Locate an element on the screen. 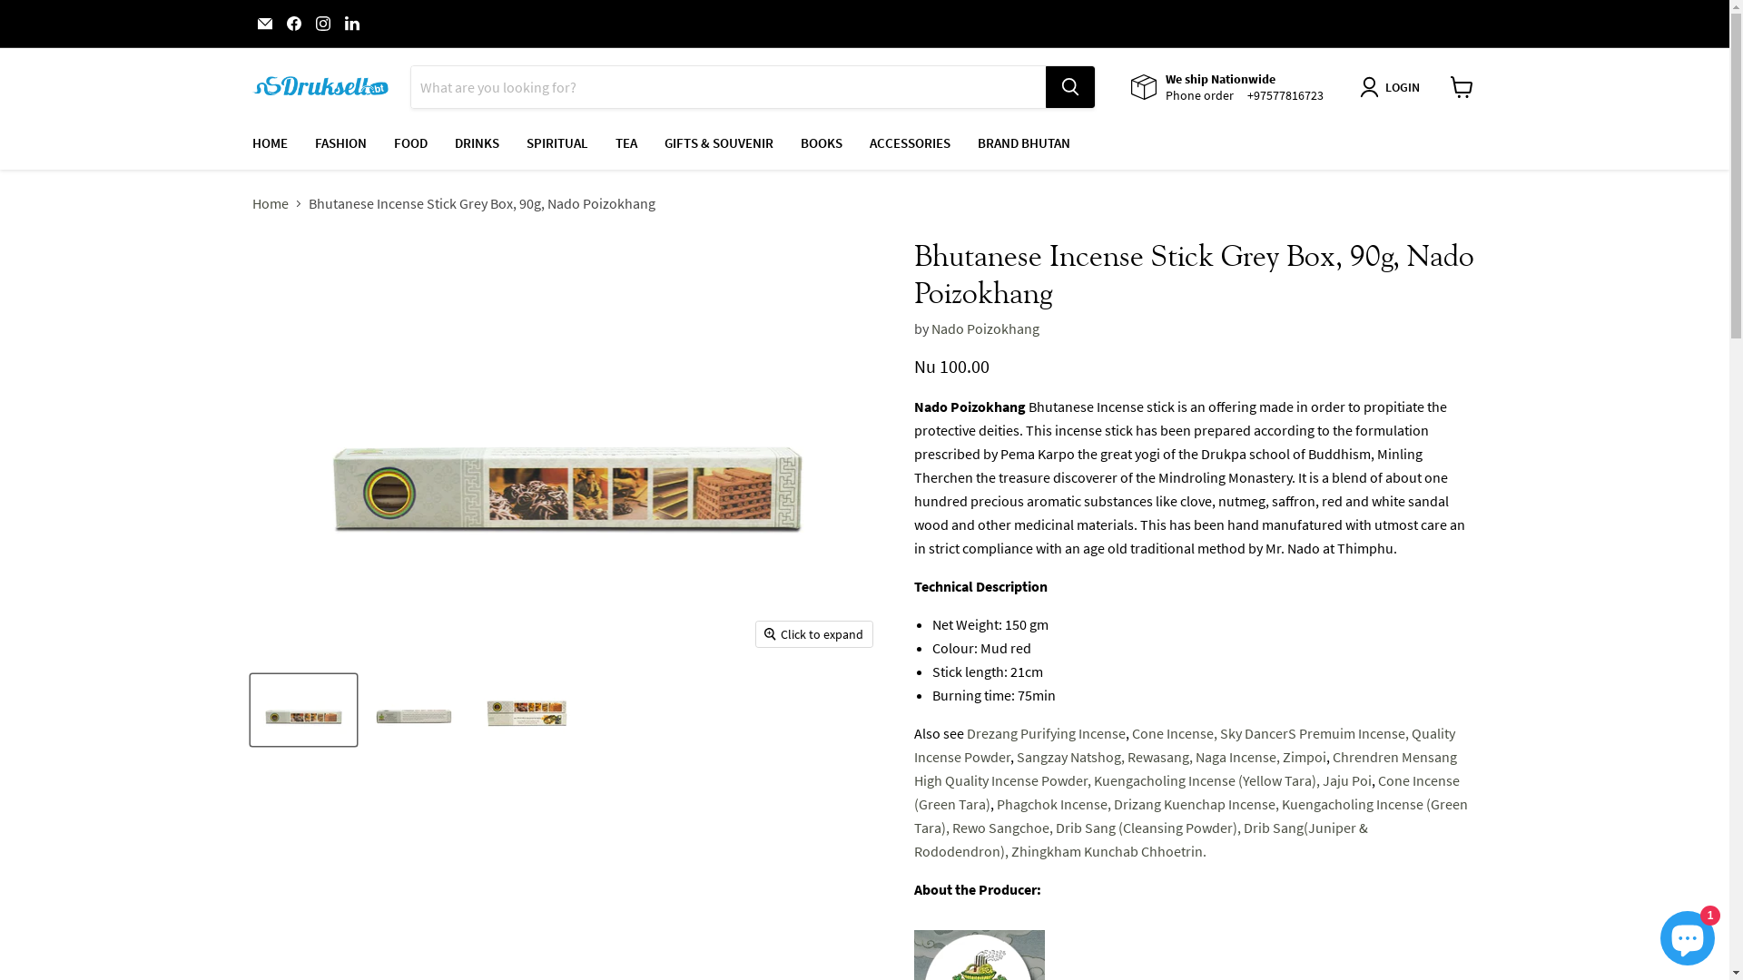 This screenshot has height=980, width=1743. 'Home' is located at coordinates (269, 202).